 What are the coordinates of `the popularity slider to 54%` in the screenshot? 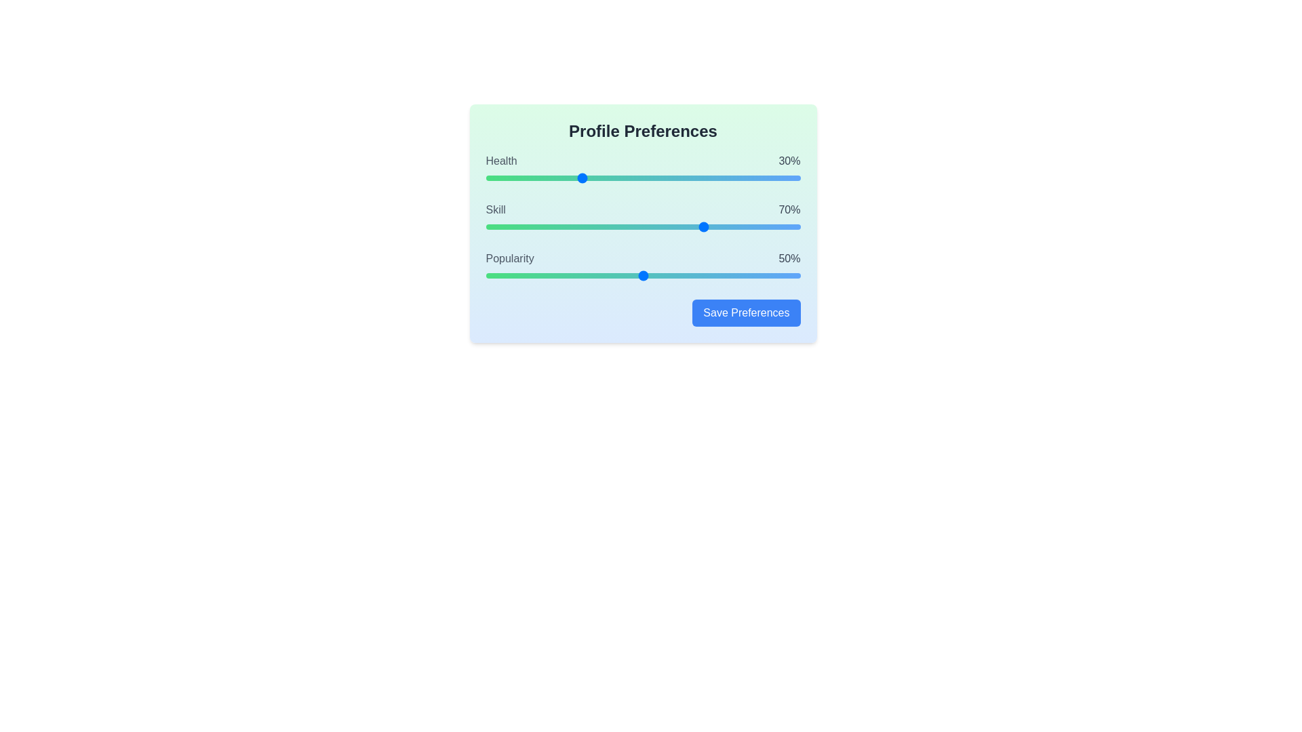 It's located at (656, 275).